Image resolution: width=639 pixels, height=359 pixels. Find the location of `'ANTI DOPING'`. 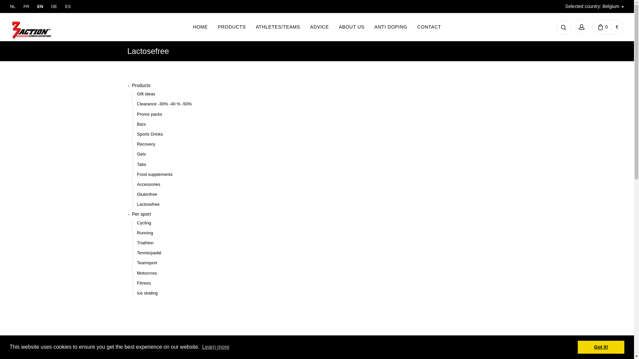

'ANTI DOPING' is located at coordinates (391, 27).